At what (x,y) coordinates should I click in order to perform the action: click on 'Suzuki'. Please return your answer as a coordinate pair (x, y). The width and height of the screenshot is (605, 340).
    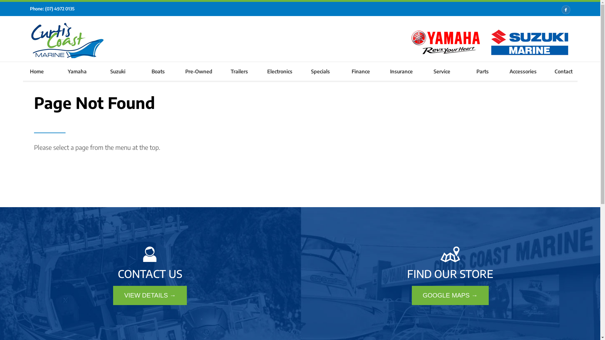
    Looking at the image, I should click on (97, 71).